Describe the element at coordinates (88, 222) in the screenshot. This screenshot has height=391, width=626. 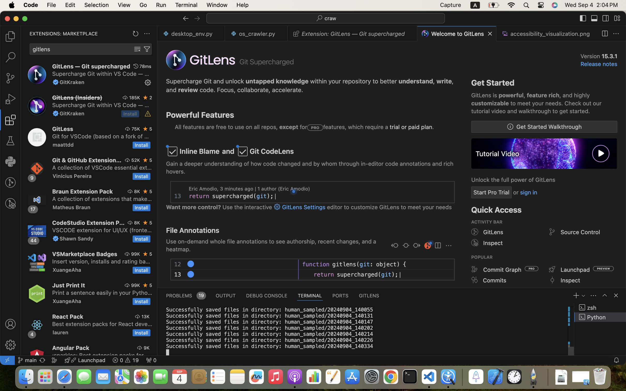
I see `'CodeStudio Extension Pack'` at that location.